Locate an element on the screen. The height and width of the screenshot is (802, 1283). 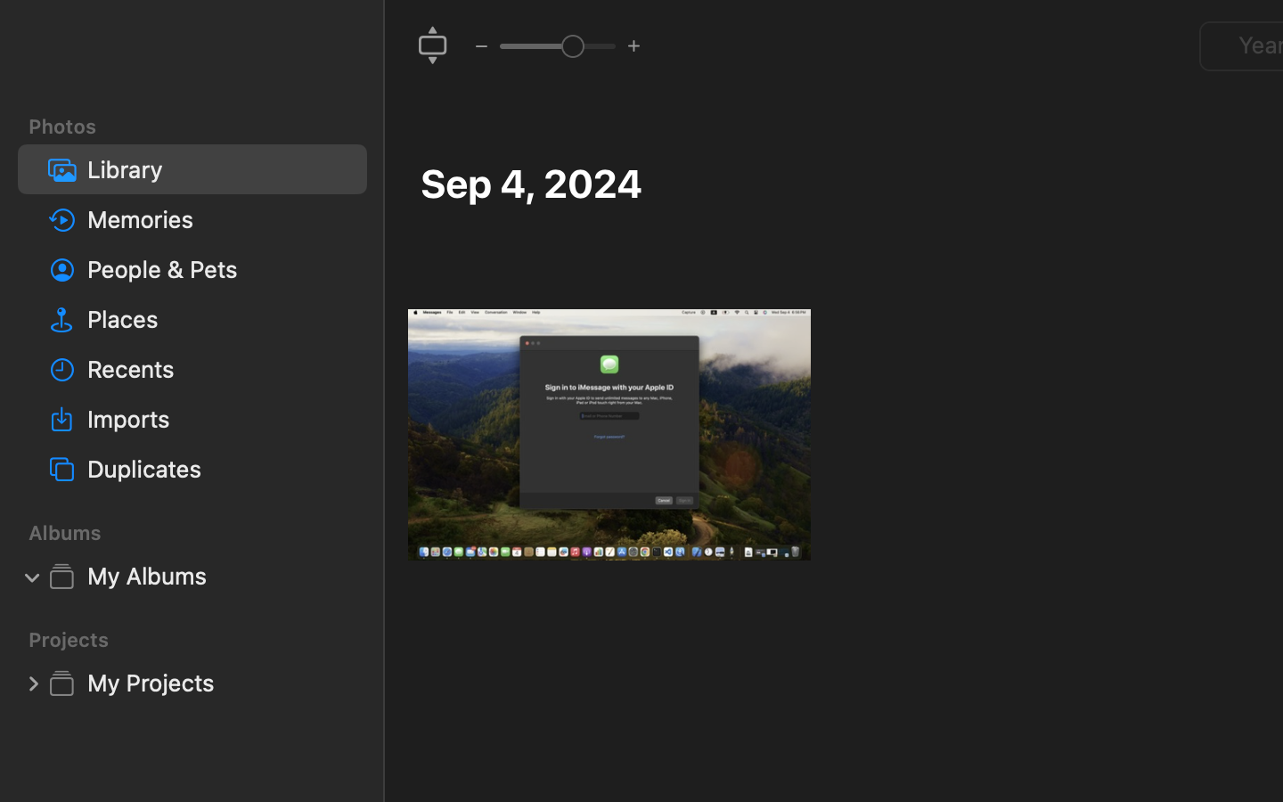
'People & Pets' is located at coordinates (218, 268).